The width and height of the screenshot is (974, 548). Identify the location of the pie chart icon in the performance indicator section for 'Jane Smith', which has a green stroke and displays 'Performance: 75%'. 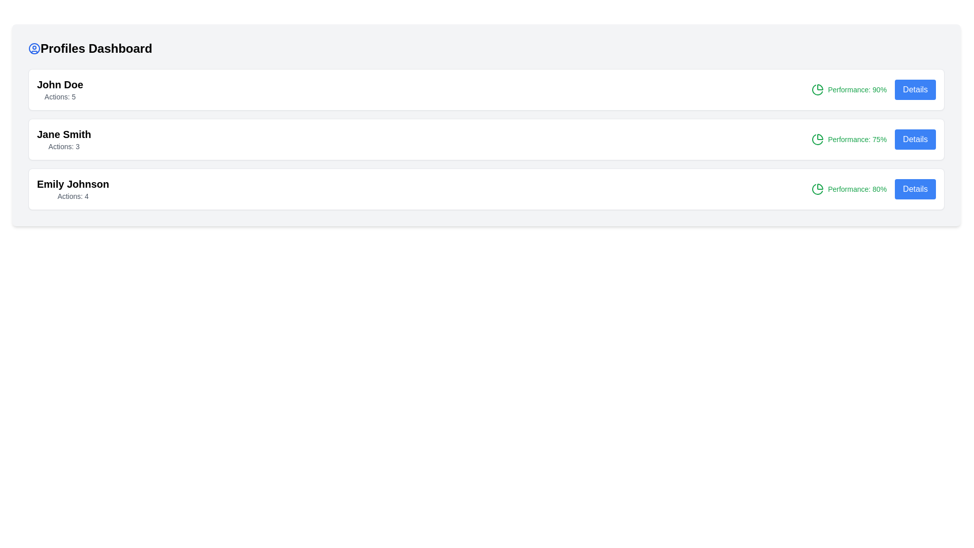
(818, 139).